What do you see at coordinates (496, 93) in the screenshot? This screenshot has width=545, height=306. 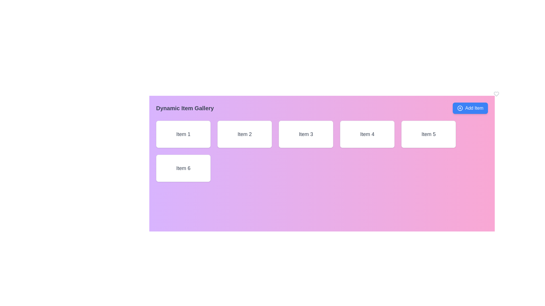 I see `the interactive toggle button for favoriting or liking content` at bounding box center [496, 93].